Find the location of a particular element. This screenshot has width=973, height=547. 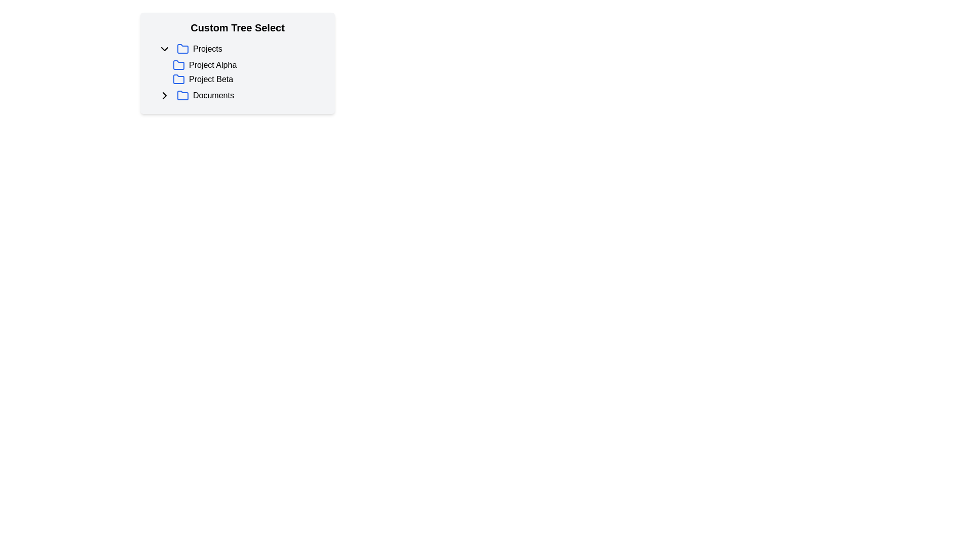

the chevron icon button located to the left of the 'Documents' text in the directory tree interface is located at coordinates (165, 96).